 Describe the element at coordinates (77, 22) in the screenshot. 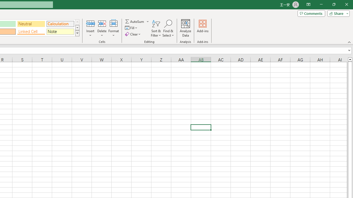

I see `'Row up'` at that location.